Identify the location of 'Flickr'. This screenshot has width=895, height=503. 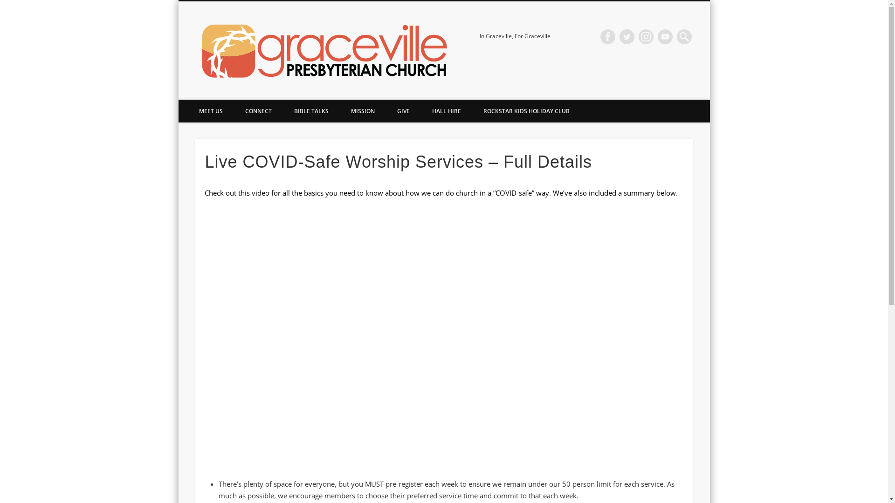
(638, 36).